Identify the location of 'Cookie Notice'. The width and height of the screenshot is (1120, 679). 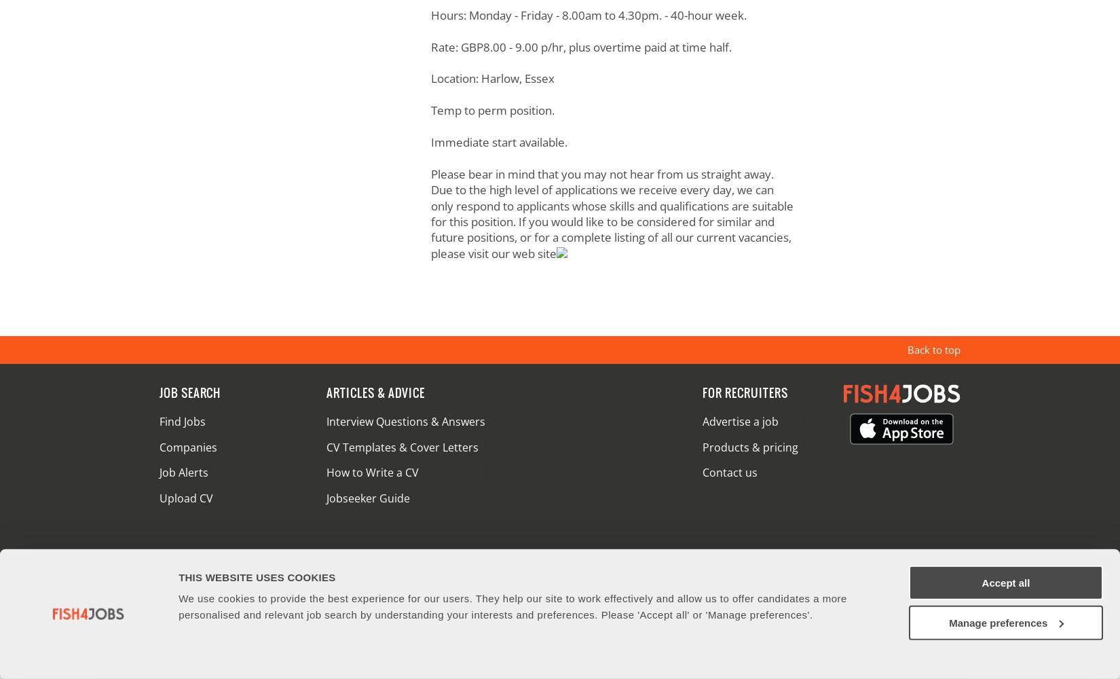
(610, 598).